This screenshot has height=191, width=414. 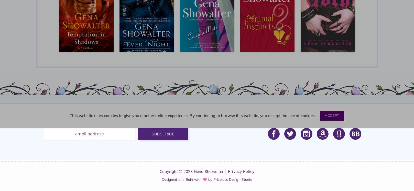 What do you see at coordinates (182, 179) in the screenshot?
I see `'Designed and Built with'` at bounding box center [182, 179].